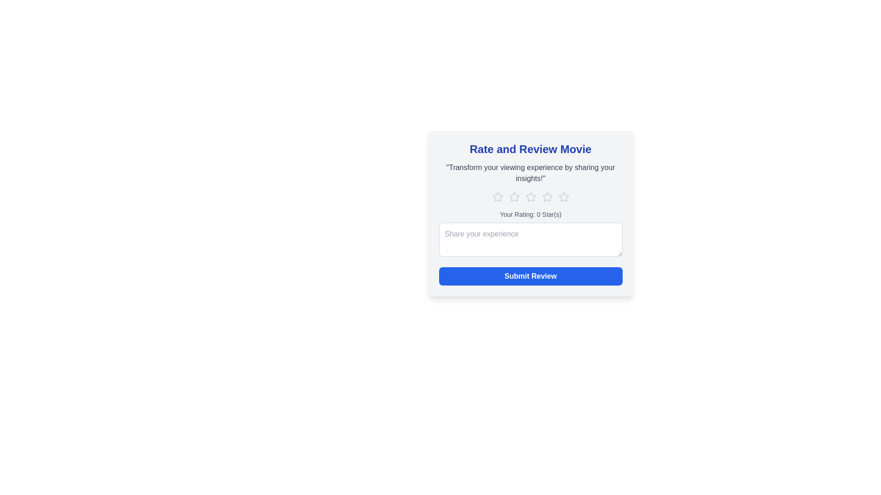 The image size is (881, 495). I want to click on the star corresponding to 4 to set the movie rating, so click(547, 196).